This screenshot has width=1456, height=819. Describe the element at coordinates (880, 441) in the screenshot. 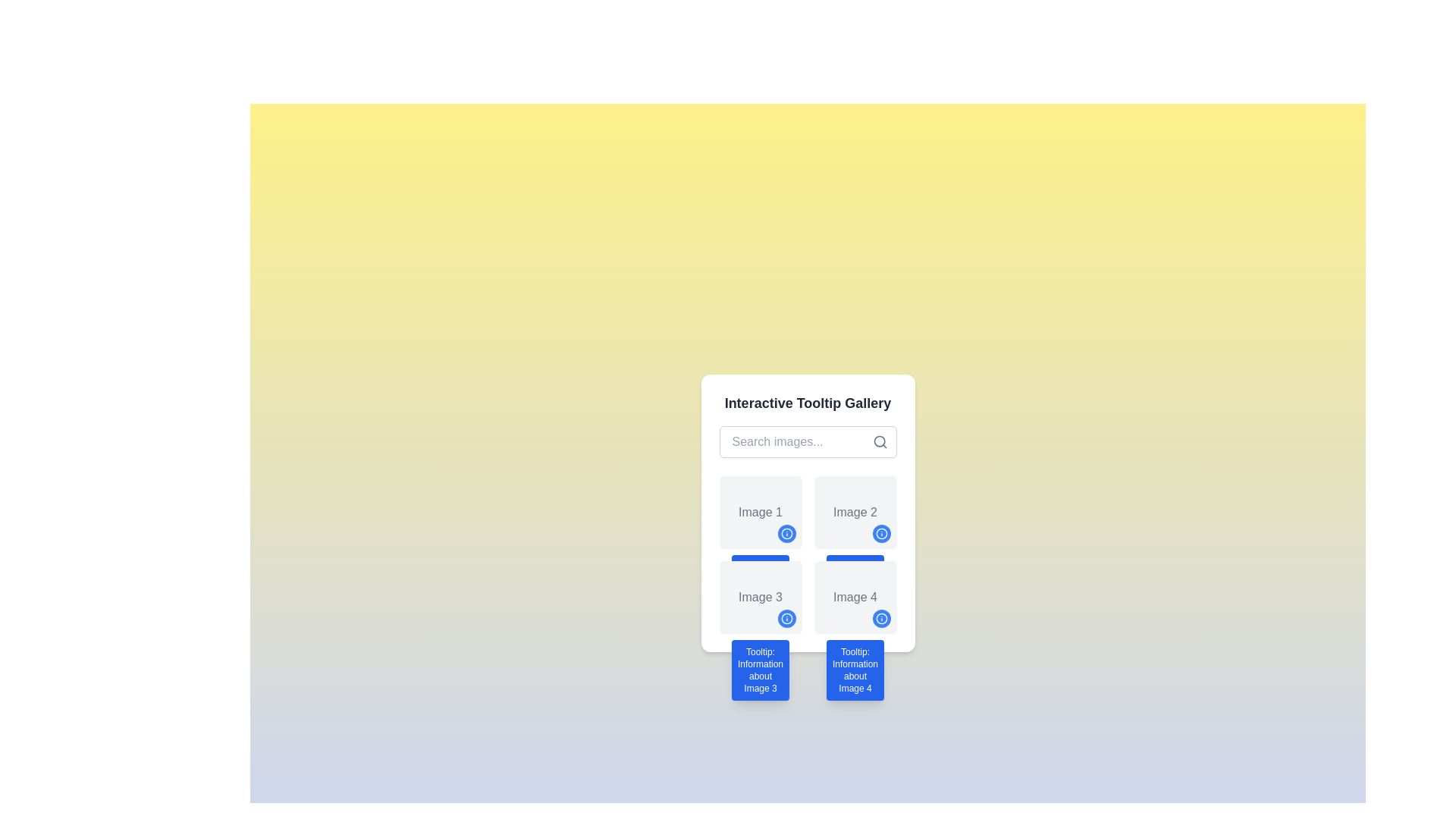

I see `the search icon, which is a gray magnifying glass located near the right edge of the search input bar in the 'Interactive Tooltip Gallery'` at that location.